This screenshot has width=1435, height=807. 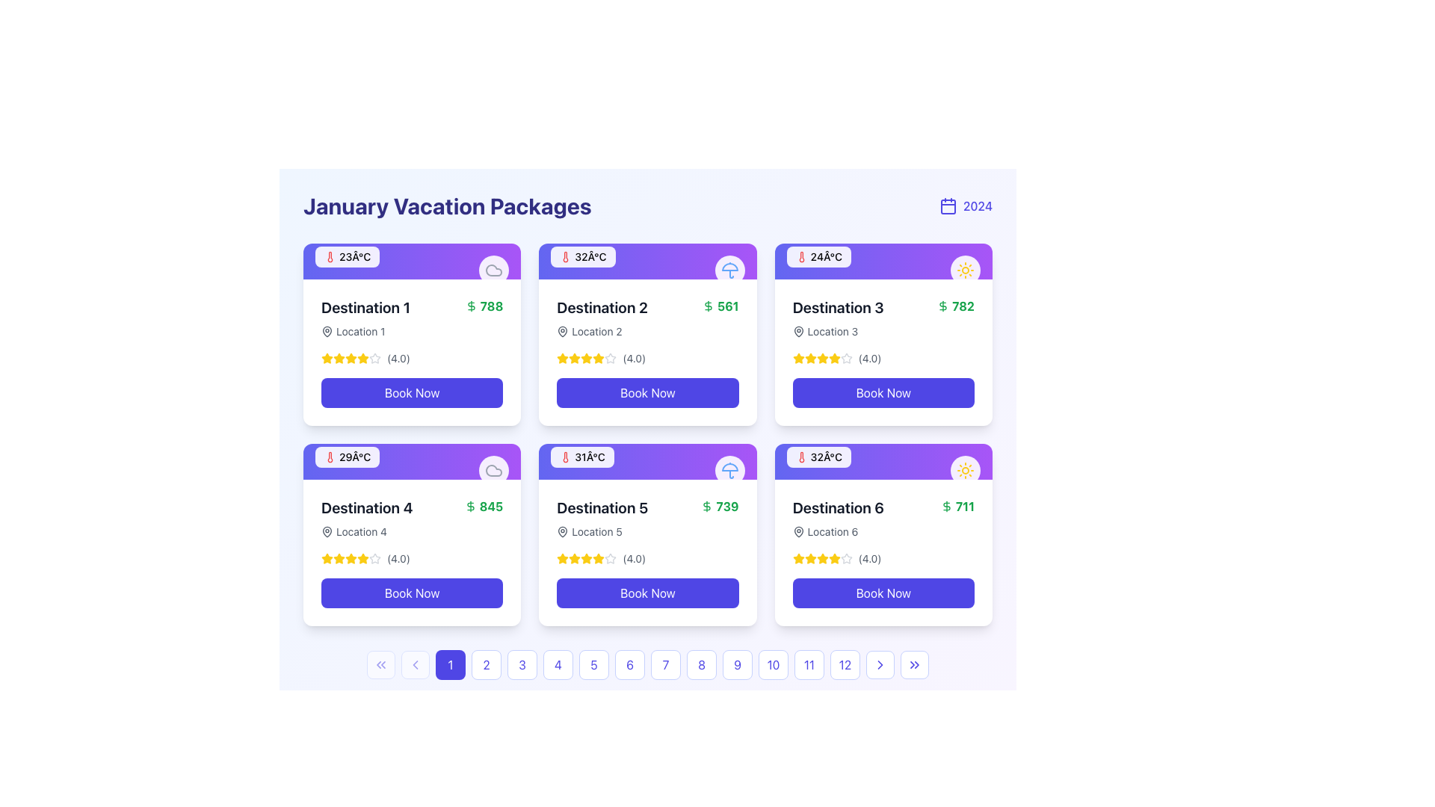 What do you see at coordinates (963, 305) in the screenshot?
I see `displayed text from the price text display located in the rightmost card of the top row, which is associated with a dollar sign icon on its left` at bounding box center [963, 305].